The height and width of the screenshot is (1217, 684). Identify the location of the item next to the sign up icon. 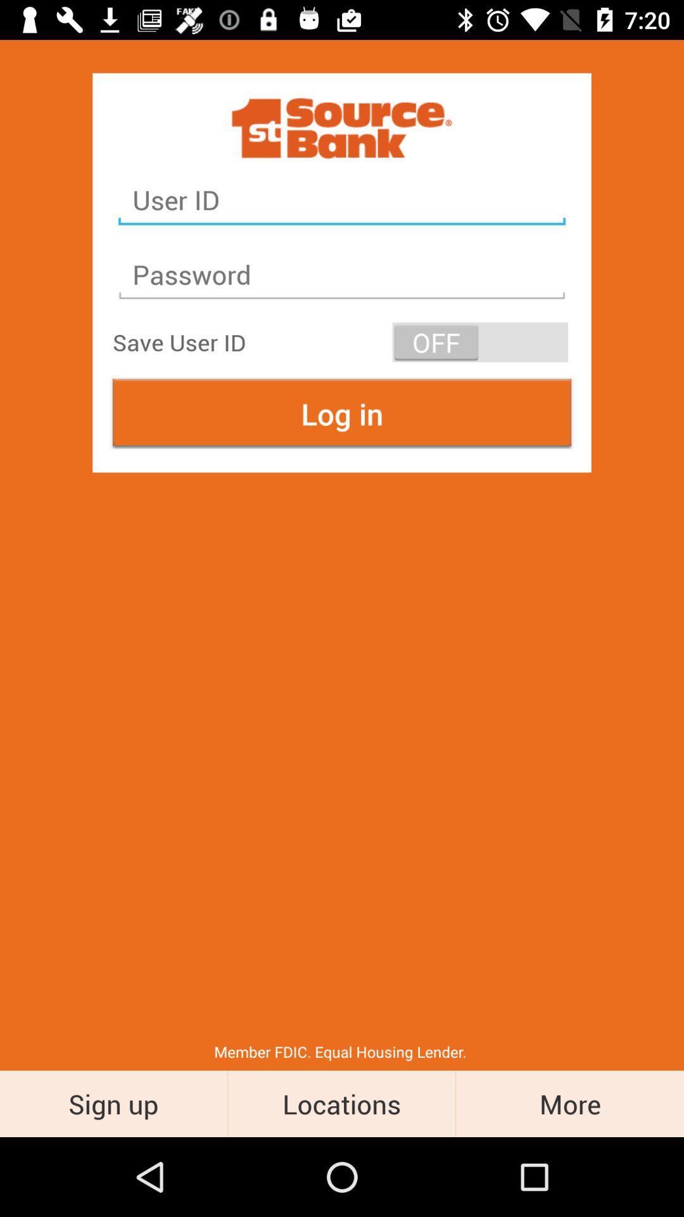
(341, 1103).